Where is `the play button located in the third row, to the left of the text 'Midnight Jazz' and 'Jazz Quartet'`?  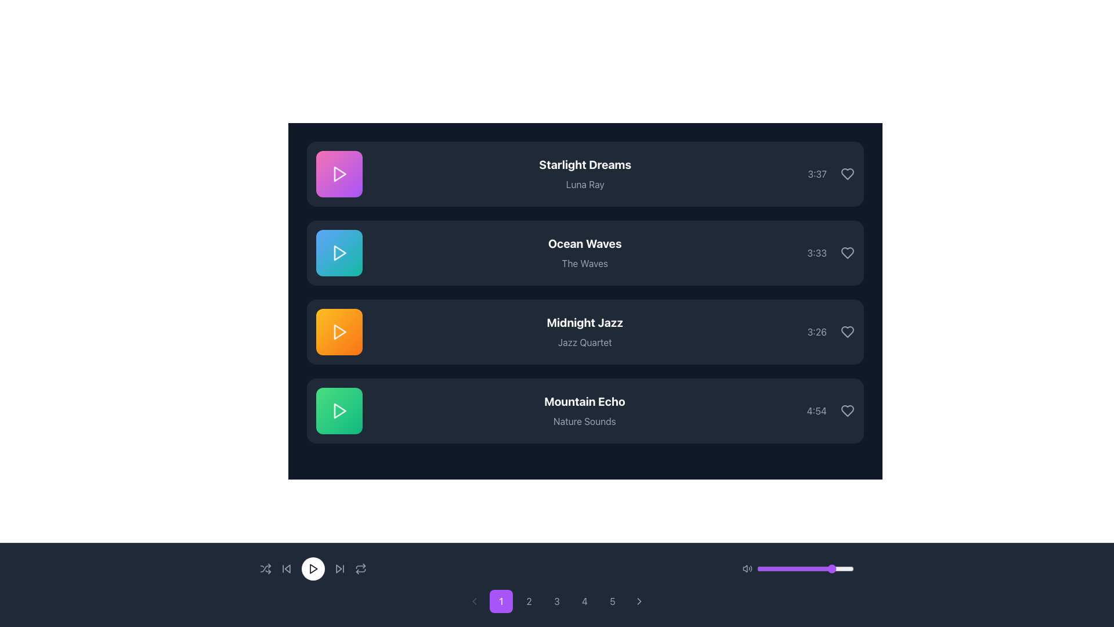 the play button located in the third row, to the left of the text 'Midnight Jazz' and 'Jazz Quartet' is located at coordinates (339, 331).